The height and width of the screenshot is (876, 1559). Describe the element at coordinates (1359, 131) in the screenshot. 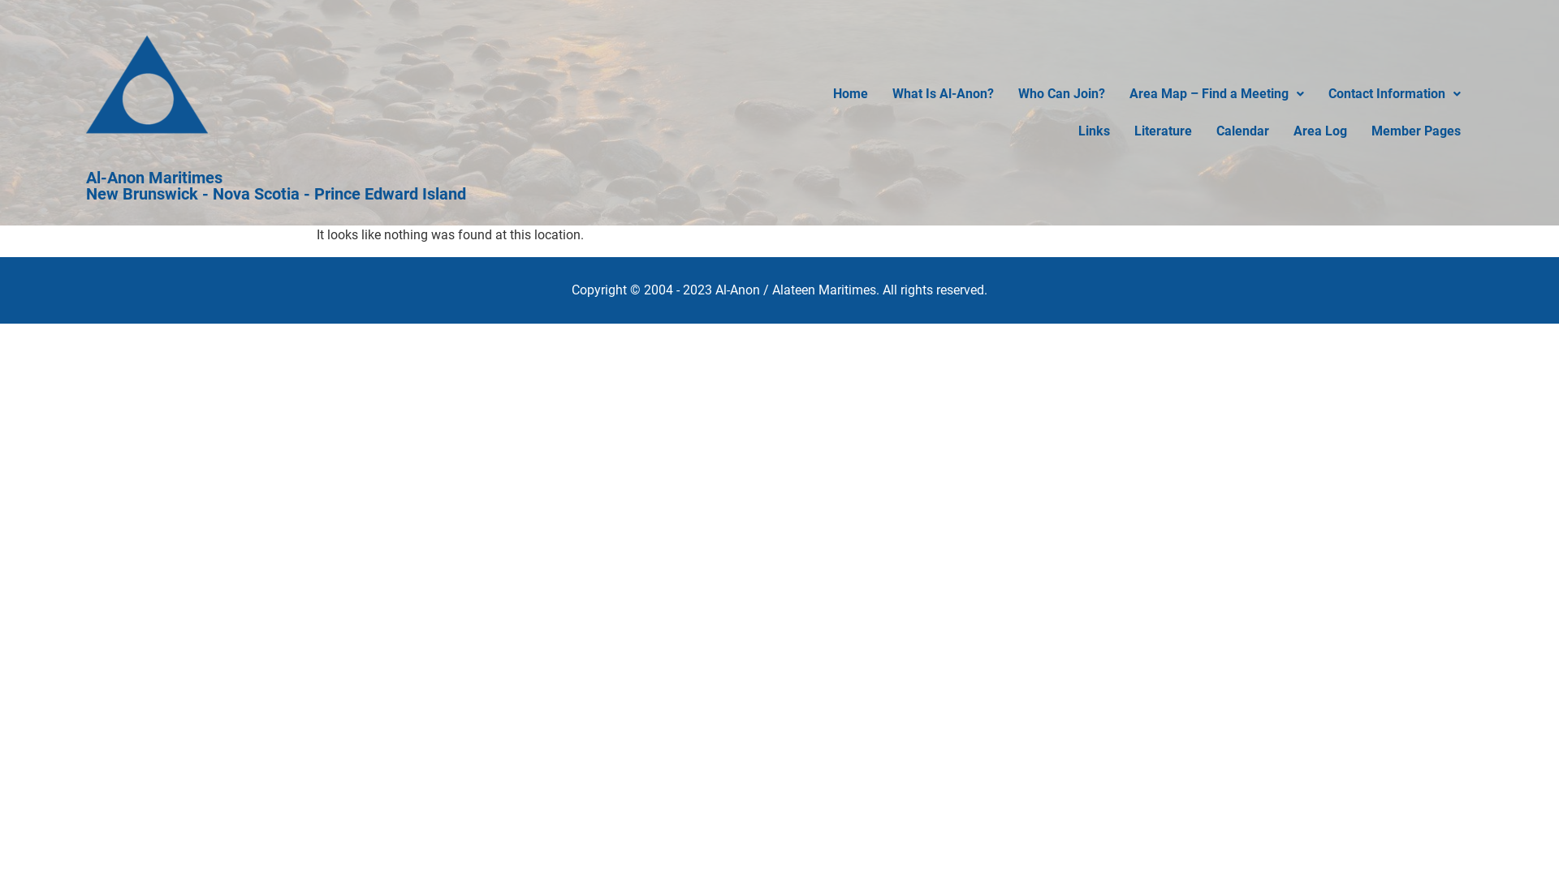

I see `'Member Pages'` at that location.